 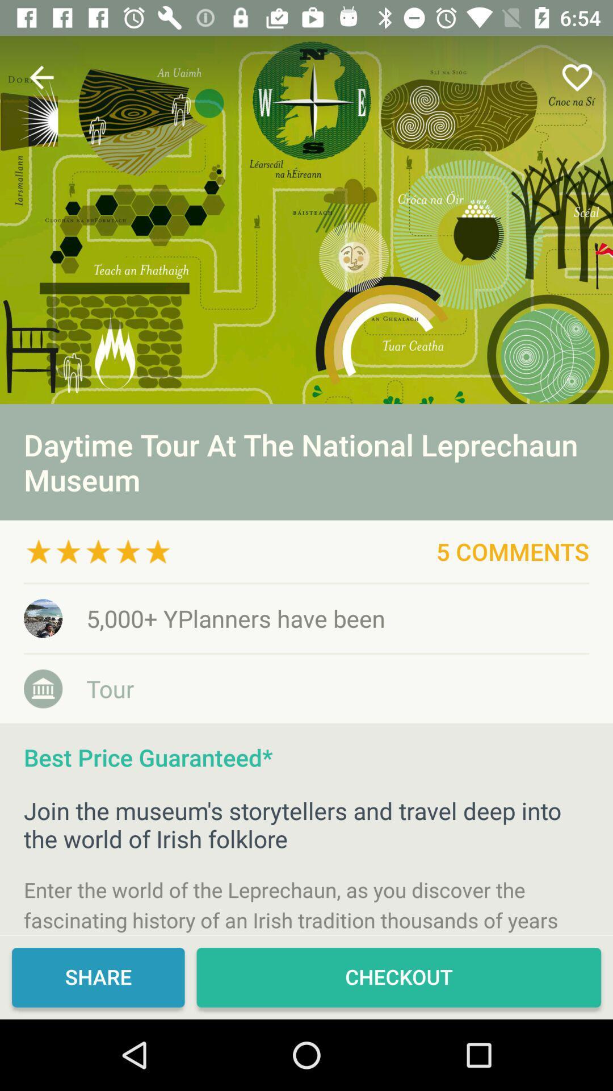 What do you see at coordinates (98, 977) in the screenshot?
I see `the icon to the left of checkout item` at bounding box center [98, 977].